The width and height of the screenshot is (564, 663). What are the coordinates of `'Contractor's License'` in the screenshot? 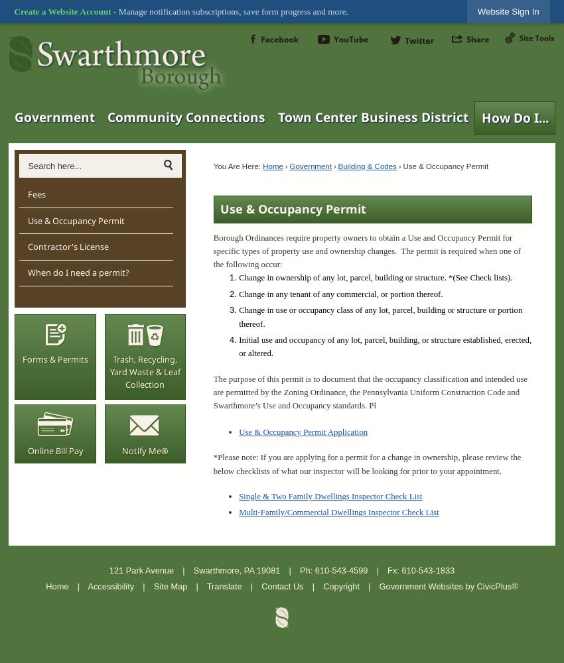 It's located at (67, 245).